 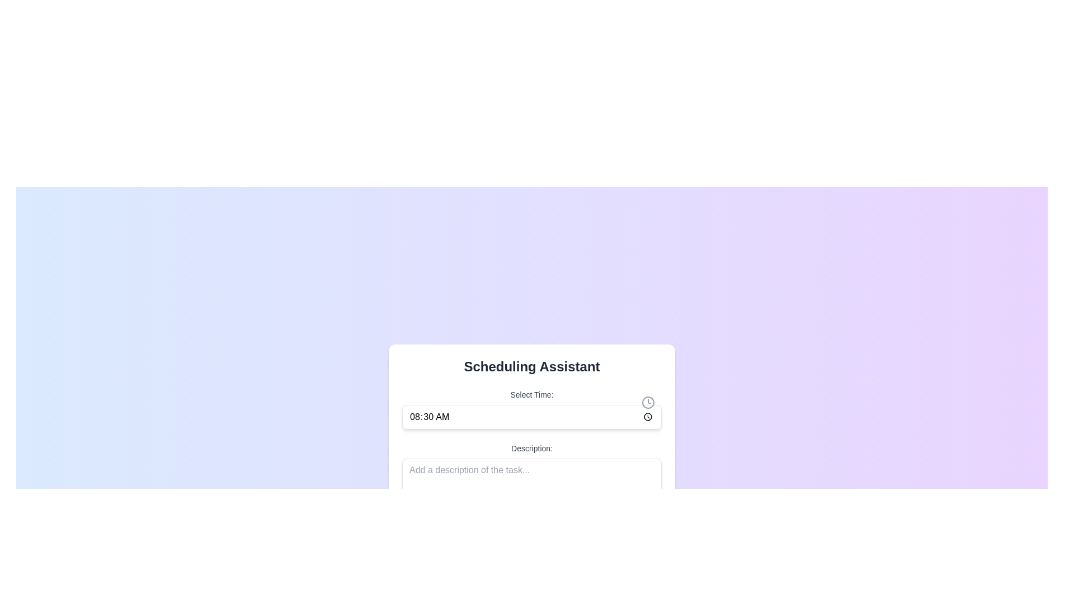 What do you see at coordinates (531, 416) in the screenshot?
I see `the Time picker input field located directly below the 'Select Time:' label to edit the time` at bounding box center [531, 416].